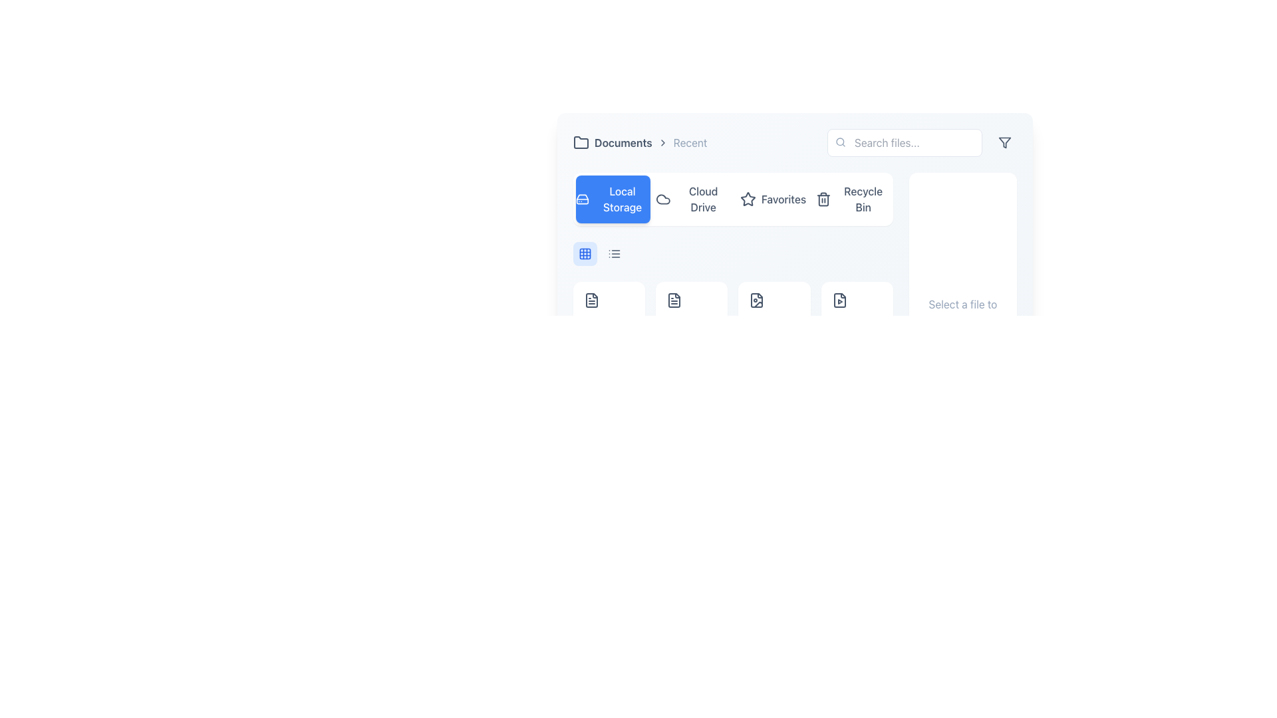 The width and height of the screenshot is (1277, 718). I want to click on the 'Local Storage' button, which has a blue background, white text, and a hard drive icon on the left, so click(613, 199).